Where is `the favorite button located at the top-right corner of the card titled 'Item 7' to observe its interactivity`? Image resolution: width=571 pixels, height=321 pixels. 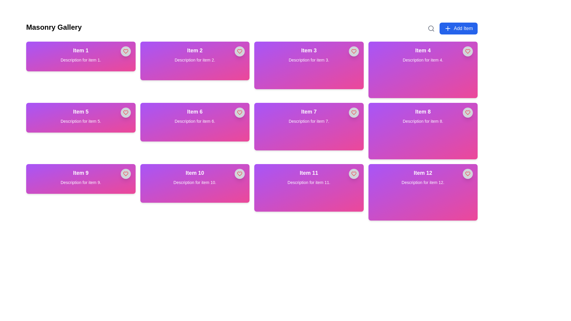
the favorite button located at the top-right corner of the card titled 'Item 7' to observe its interactivity is located at coordinates (354, 112).